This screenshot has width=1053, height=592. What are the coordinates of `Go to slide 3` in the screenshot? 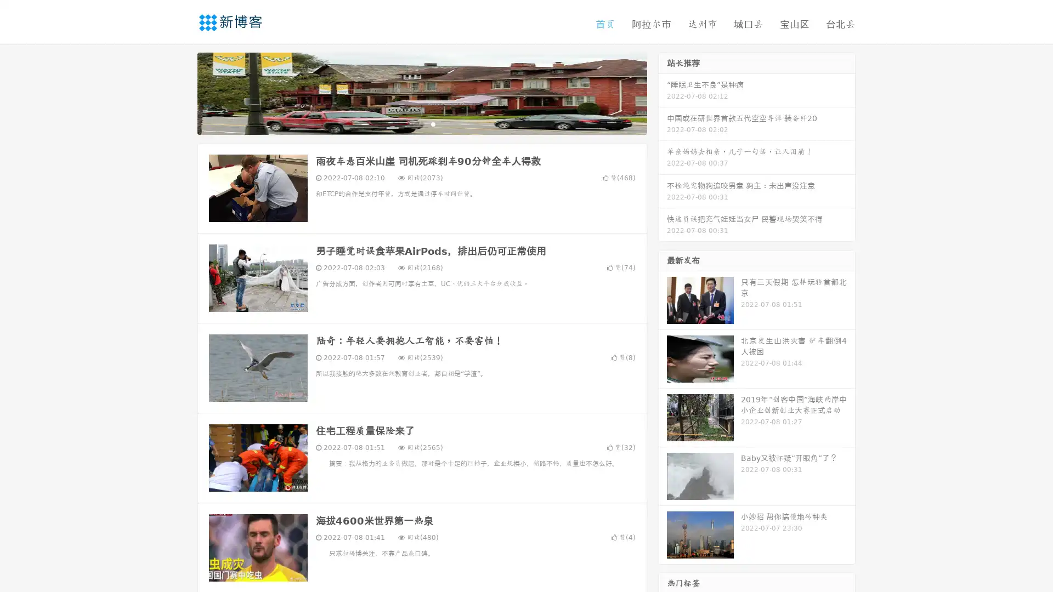 It's located at (433, 123).